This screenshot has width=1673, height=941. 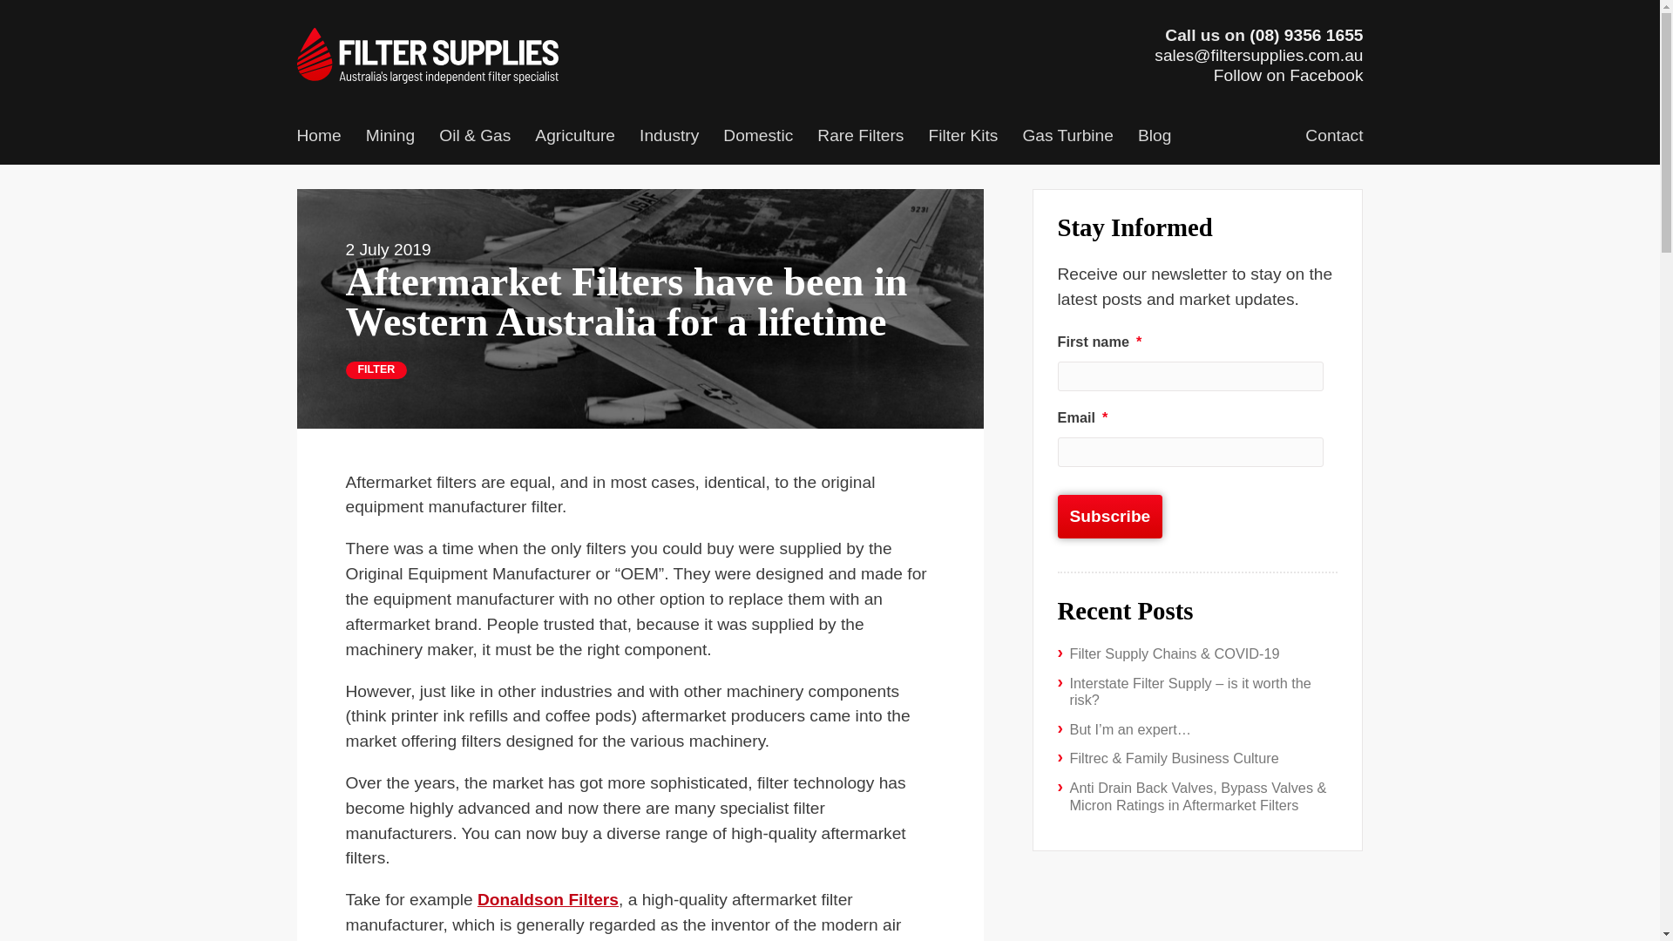 What do you see at coordinates (1067, 137) in the screenshot?
I see `'Gas Turbine'` at bounding box center [1067, 137].